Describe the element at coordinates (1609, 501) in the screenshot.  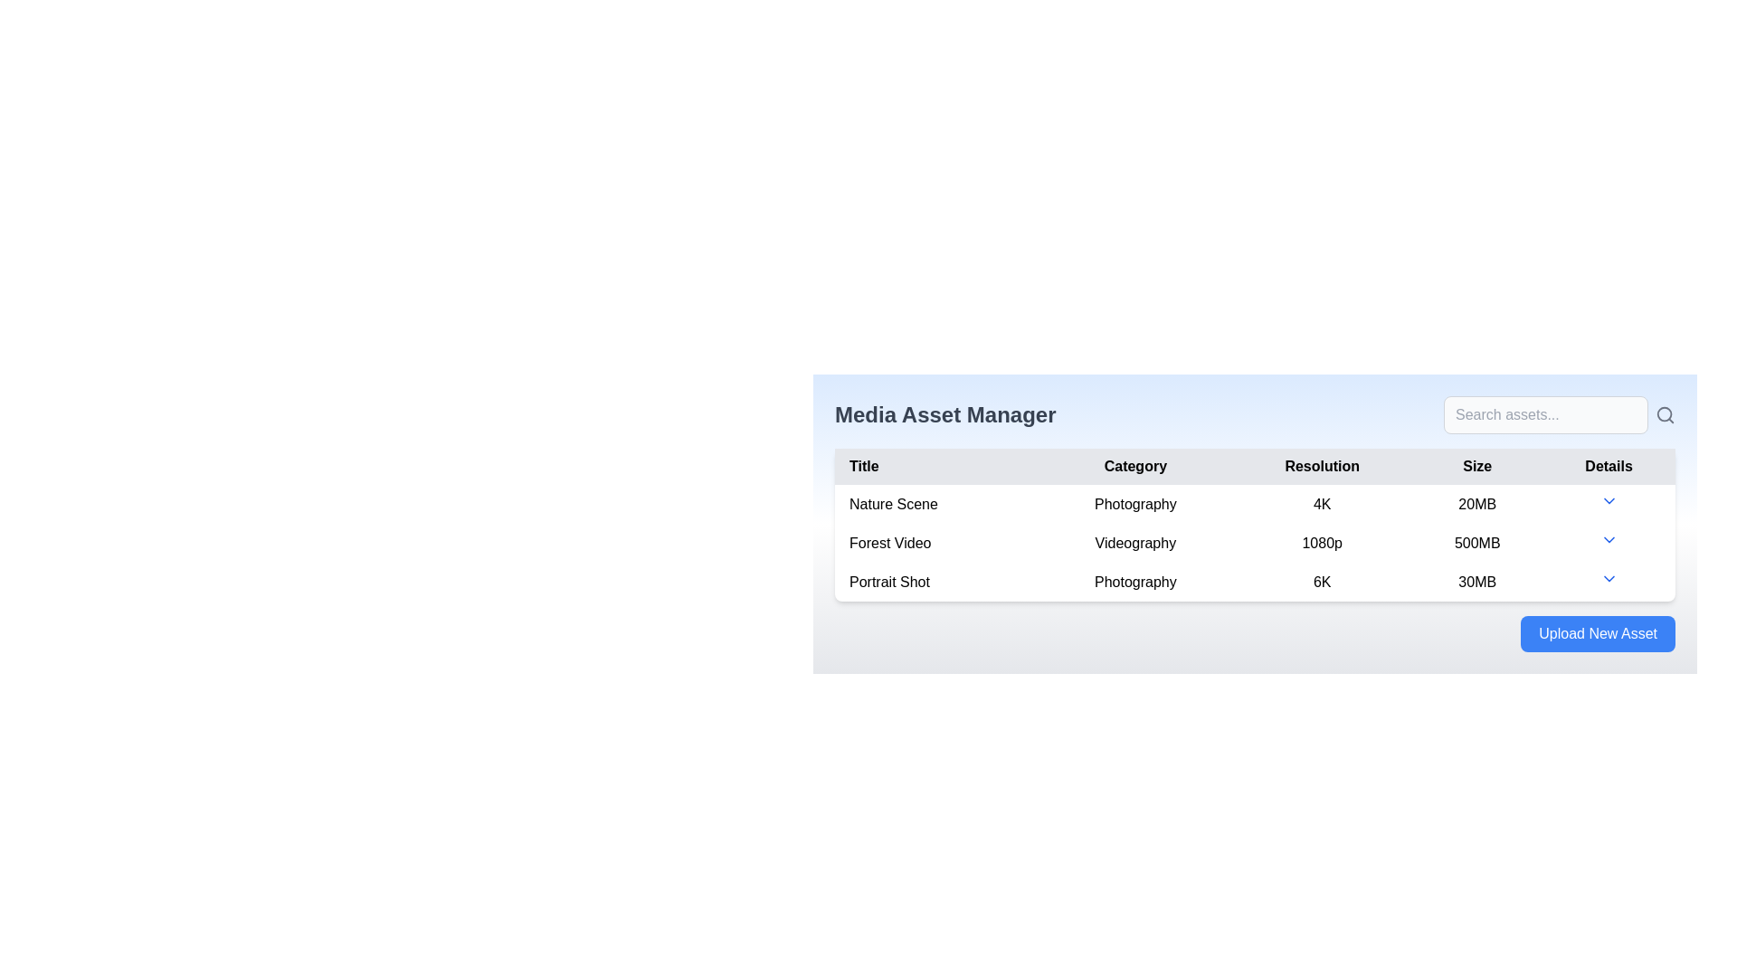
I see `the blue downward-facing chevron Dropdown Icon located in the last column of the first row of the table in the 'Details' section to trigger the tooltip or highlight effect` at that location.